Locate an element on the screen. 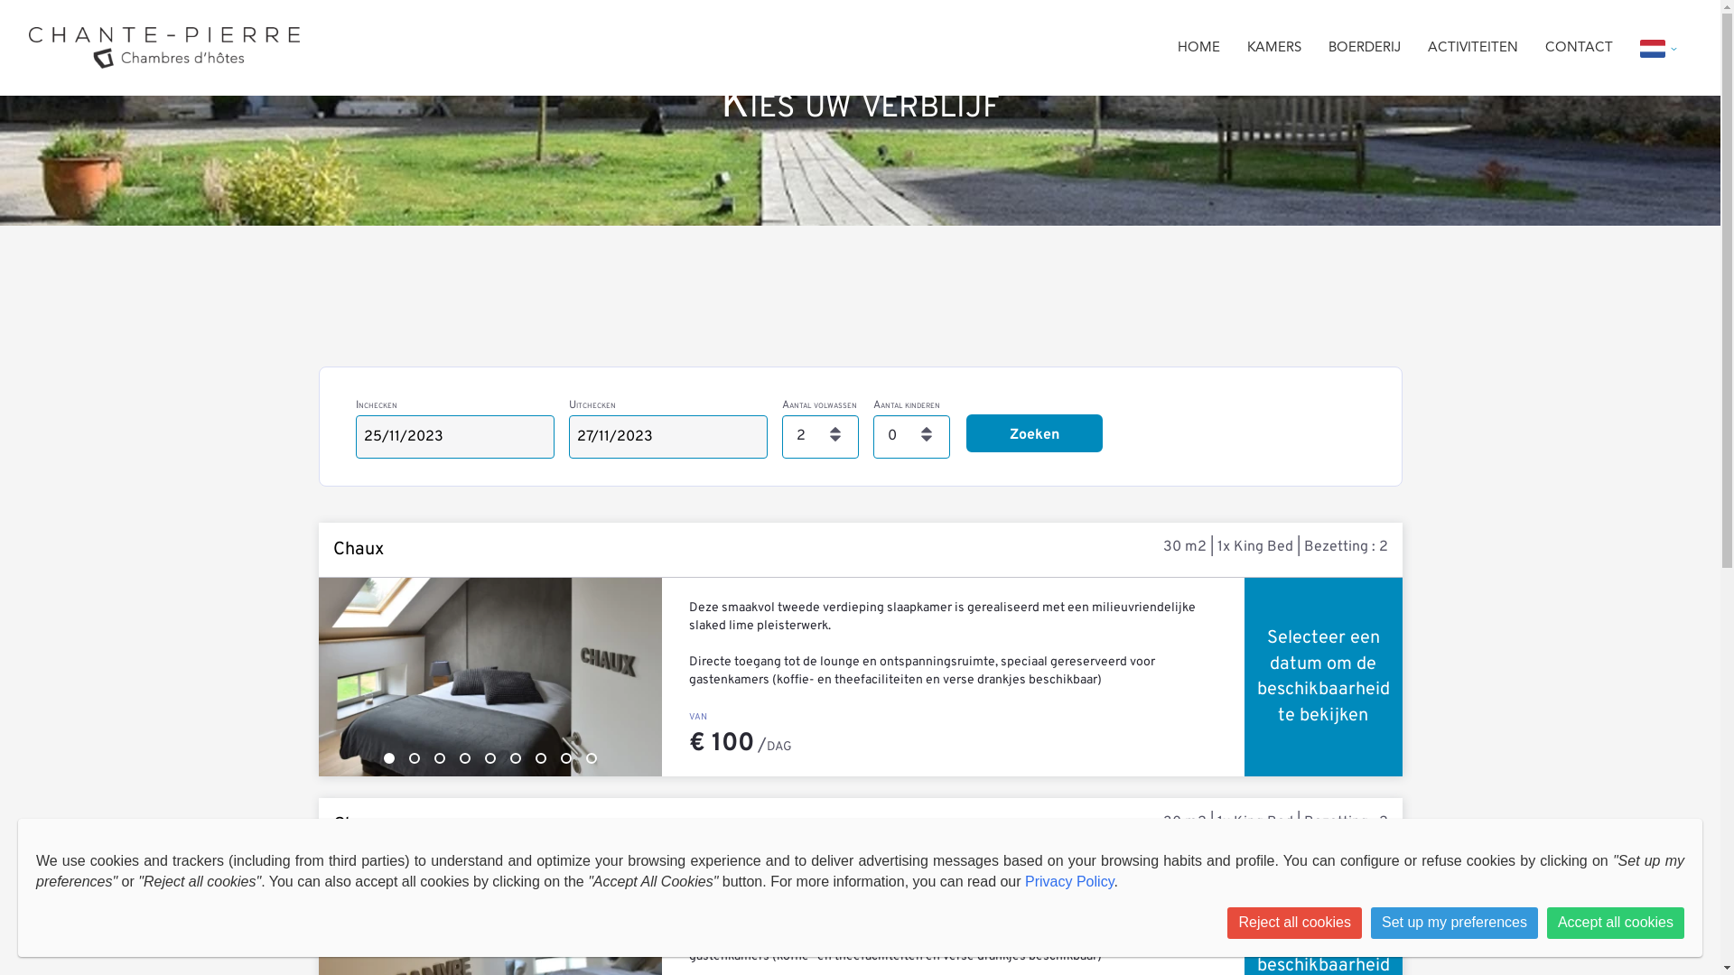 The image size is (1734, 975). 'ACTIVITEITEN' is located at coordinates (1473, 47).